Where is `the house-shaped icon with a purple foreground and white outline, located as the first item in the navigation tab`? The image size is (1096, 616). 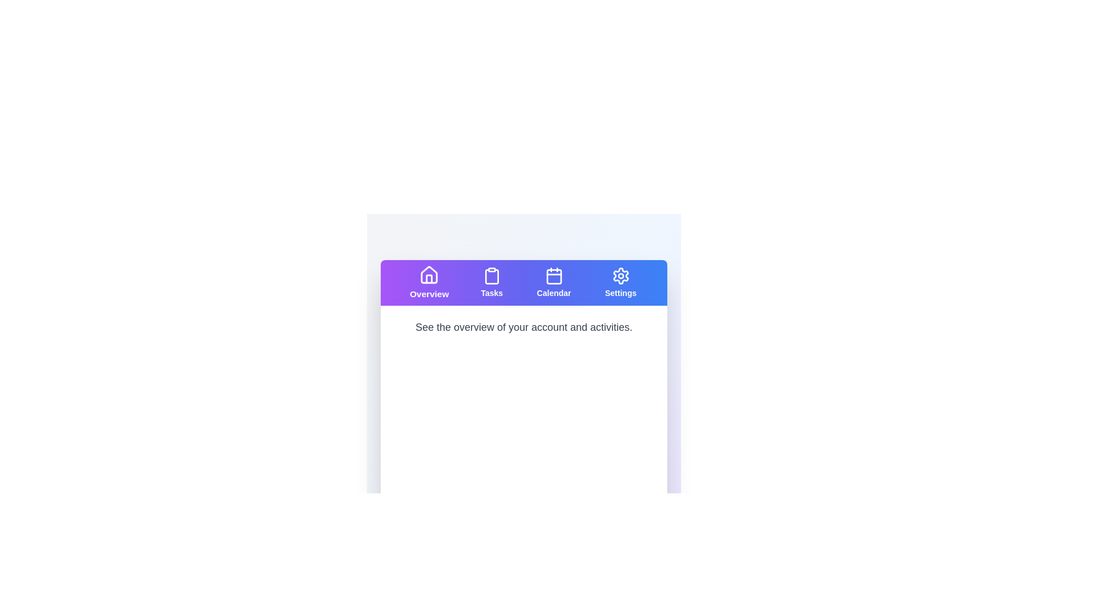
the house-shaped icon with a purple foreground and white outline, located as the first item in the navigation tab is located at coordinates (428, 275).